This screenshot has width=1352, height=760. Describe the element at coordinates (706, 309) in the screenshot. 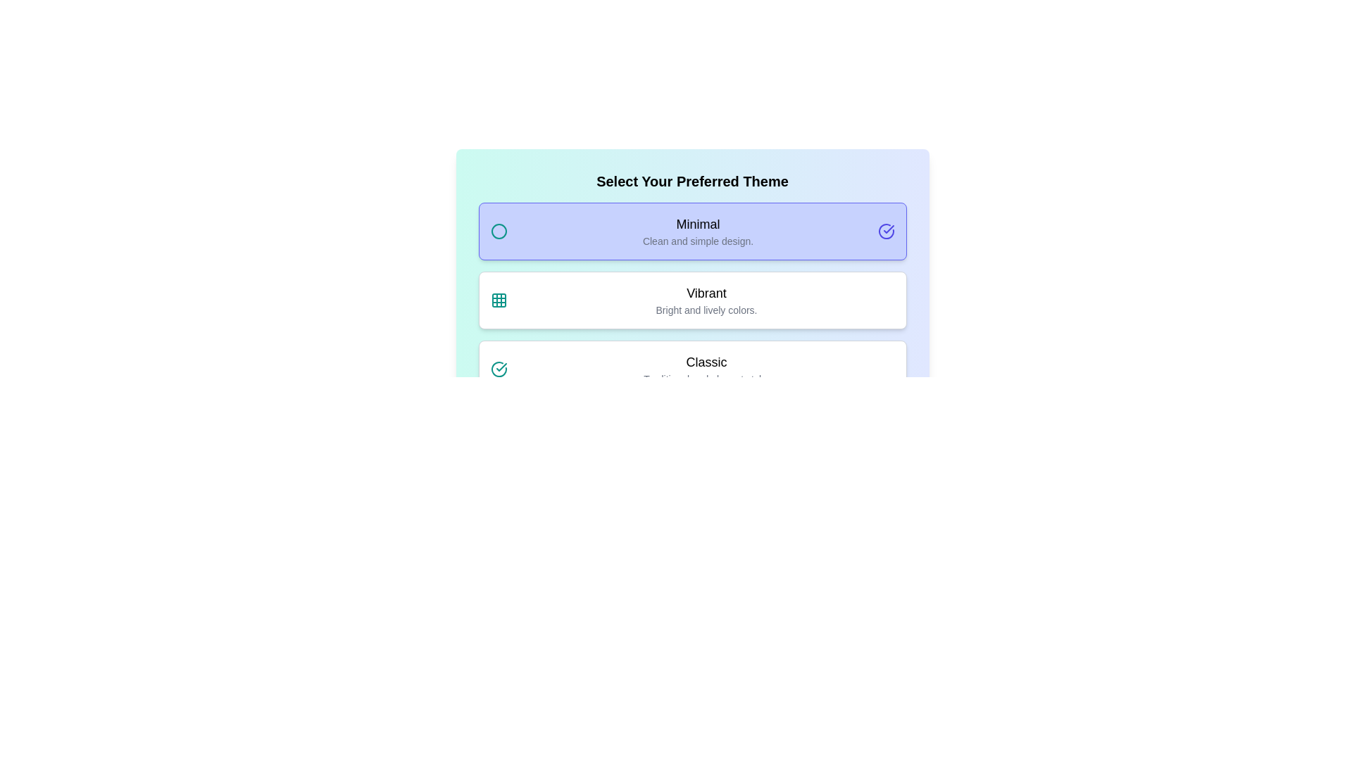

I see `the static text displaying 'Bright and lively colors.' which is positioned below the 'Vibrant' text, indicating a selectable theme option` at that location.